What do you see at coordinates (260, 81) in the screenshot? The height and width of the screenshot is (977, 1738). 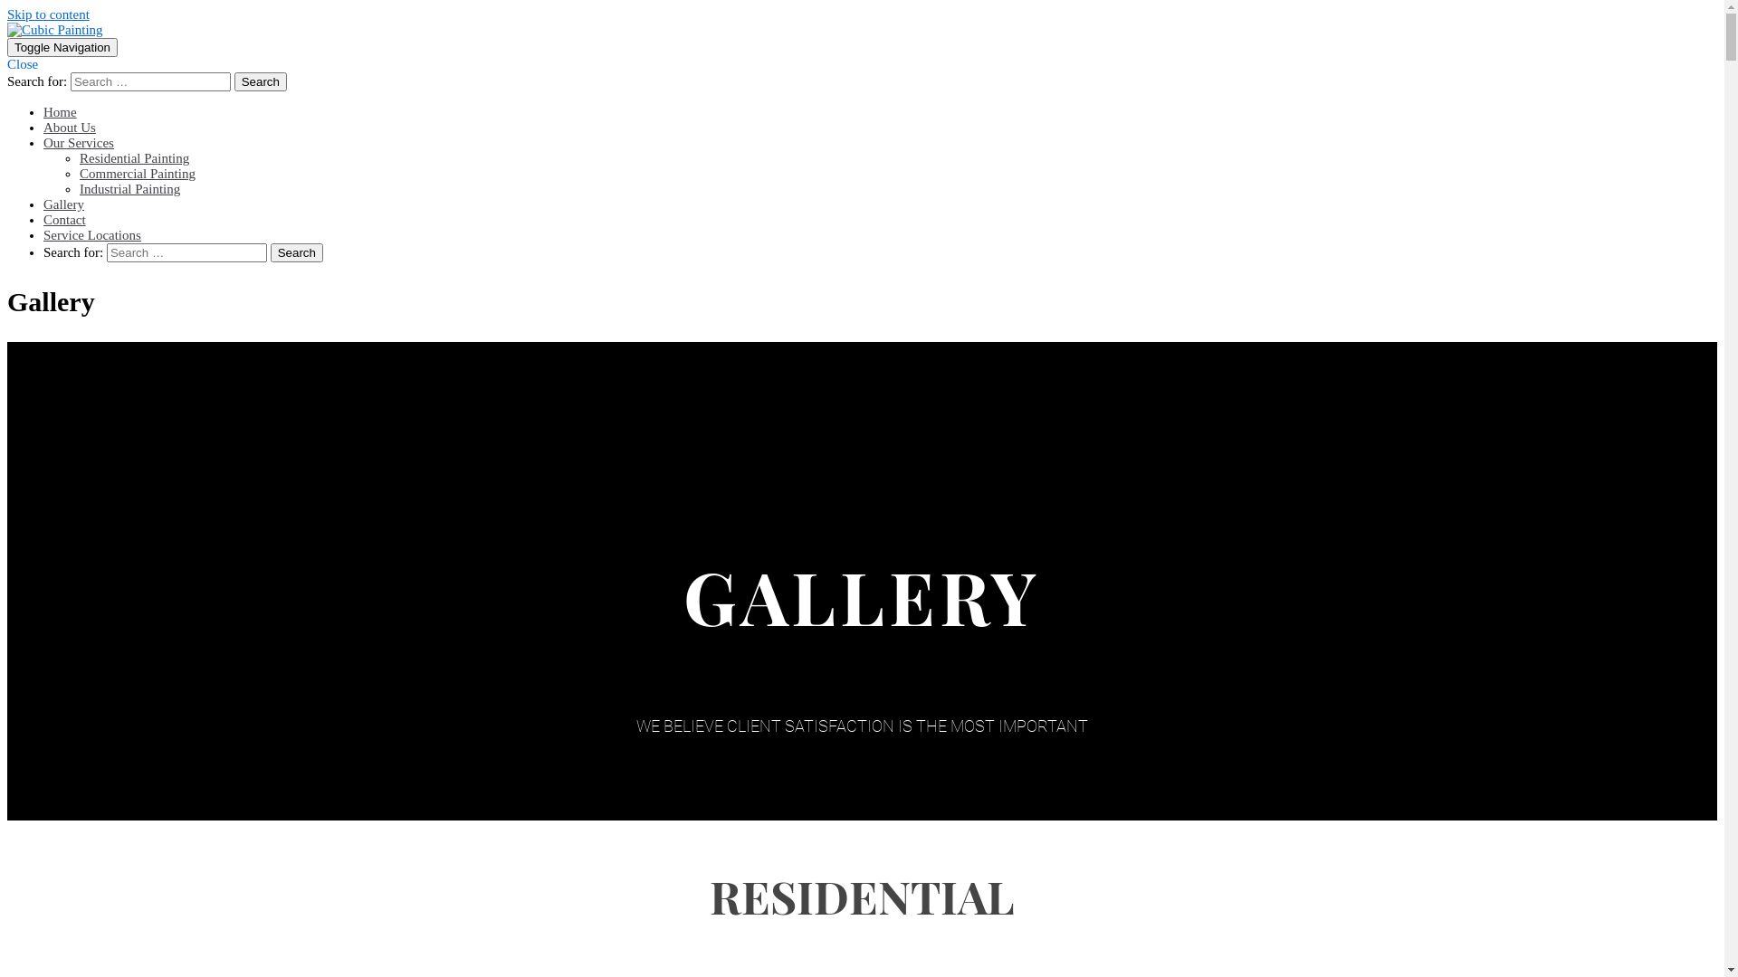 I see `'Search'` at bounding box center [260, 81].